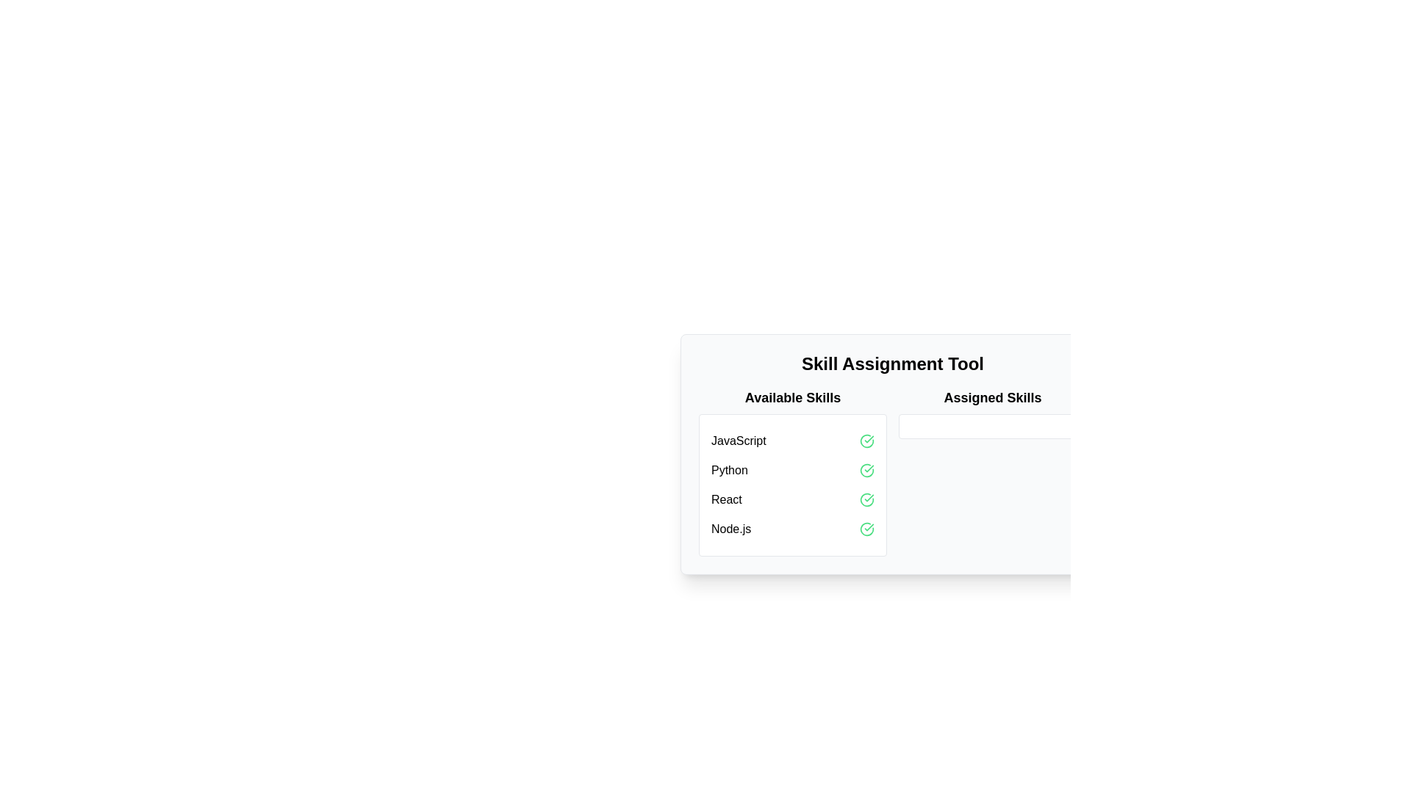 The height and width of the screenshot is (793, 1411). I want to click on the text header labeled 'Available Skills', which is prominently styled and positioned at the top of the left column in the two-column layout, so click(792, 398).